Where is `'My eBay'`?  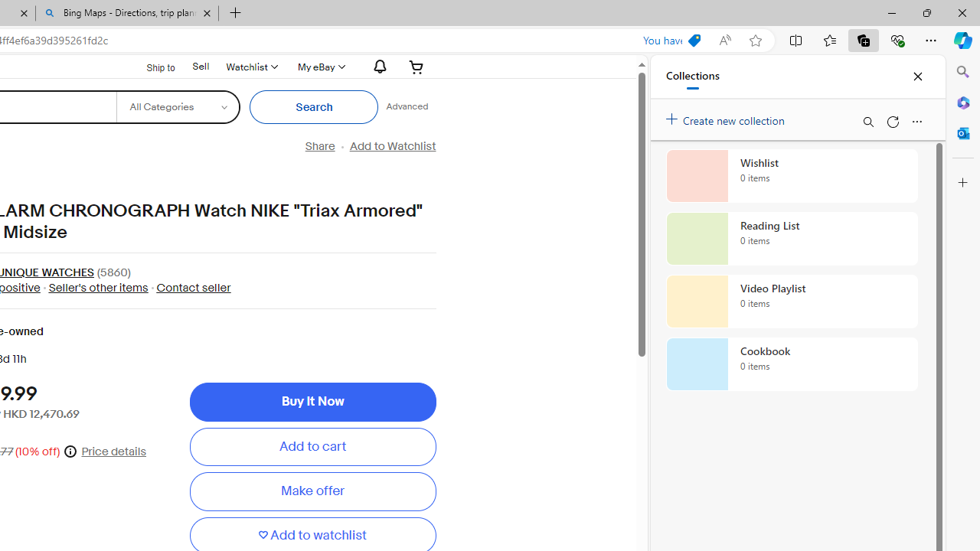
'My eBay' is located at coordinates (319, 66).